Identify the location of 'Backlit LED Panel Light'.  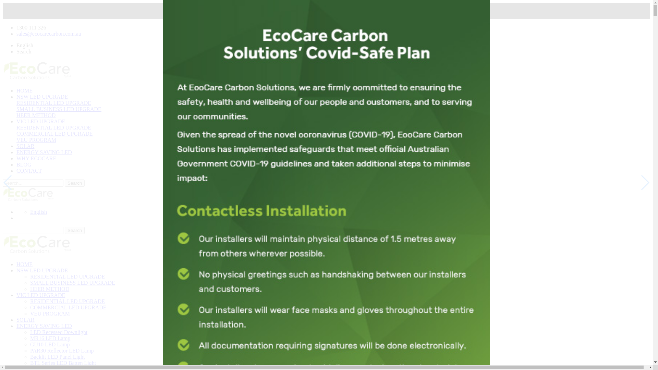
(29, 356).